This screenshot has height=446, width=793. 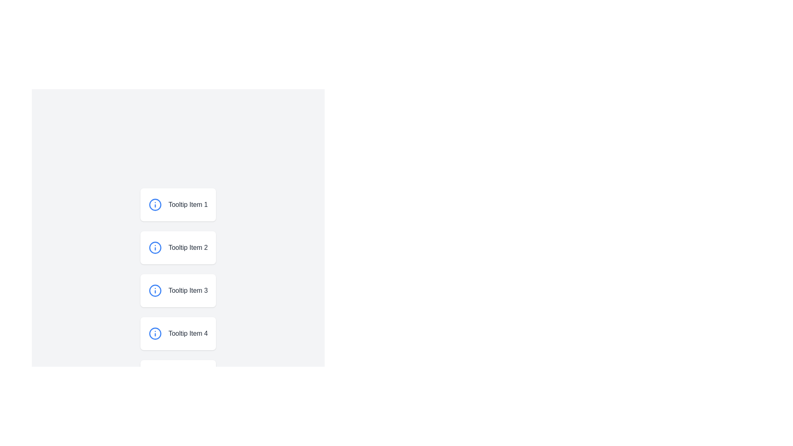 What do you see at coordinates (184, 247) in the screenshot?
I see `the Text label indicating 'Tooltip Item 2', which is positioned in the second row of a vertical list of similar items, to the right of an informational icon` at bounding box center [184, 247].